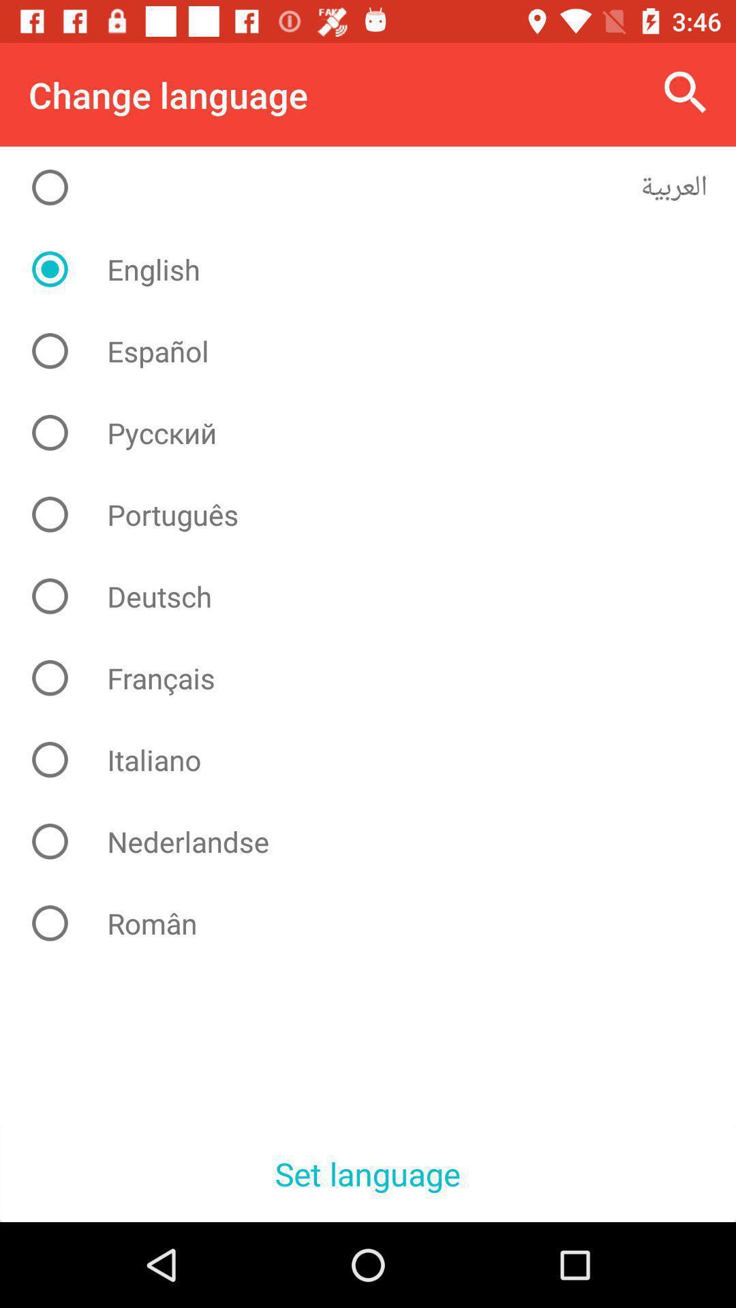 This screenshot has height=1308, width=736. What do you see at coordinates (378, 514) in the screenshot?
I see `item above deutsch icon` at bounding box center [378, 514].